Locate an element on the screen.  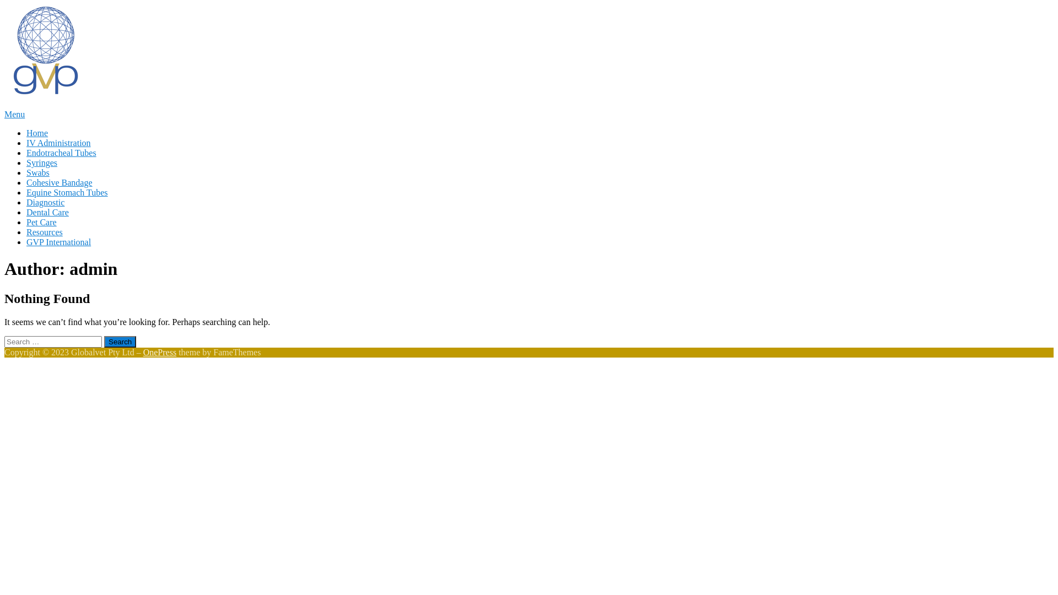
'Equine Stomach Tubes' is located at coordinates (26, 192).